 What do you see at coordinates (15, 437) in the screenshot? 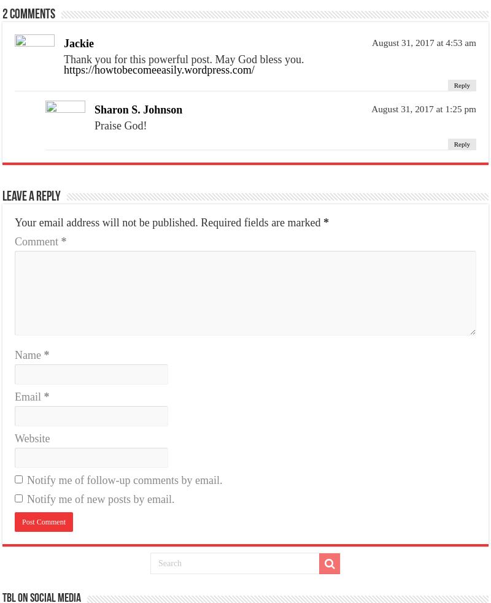
I see `'Website'` at bounding box center [15, 437].